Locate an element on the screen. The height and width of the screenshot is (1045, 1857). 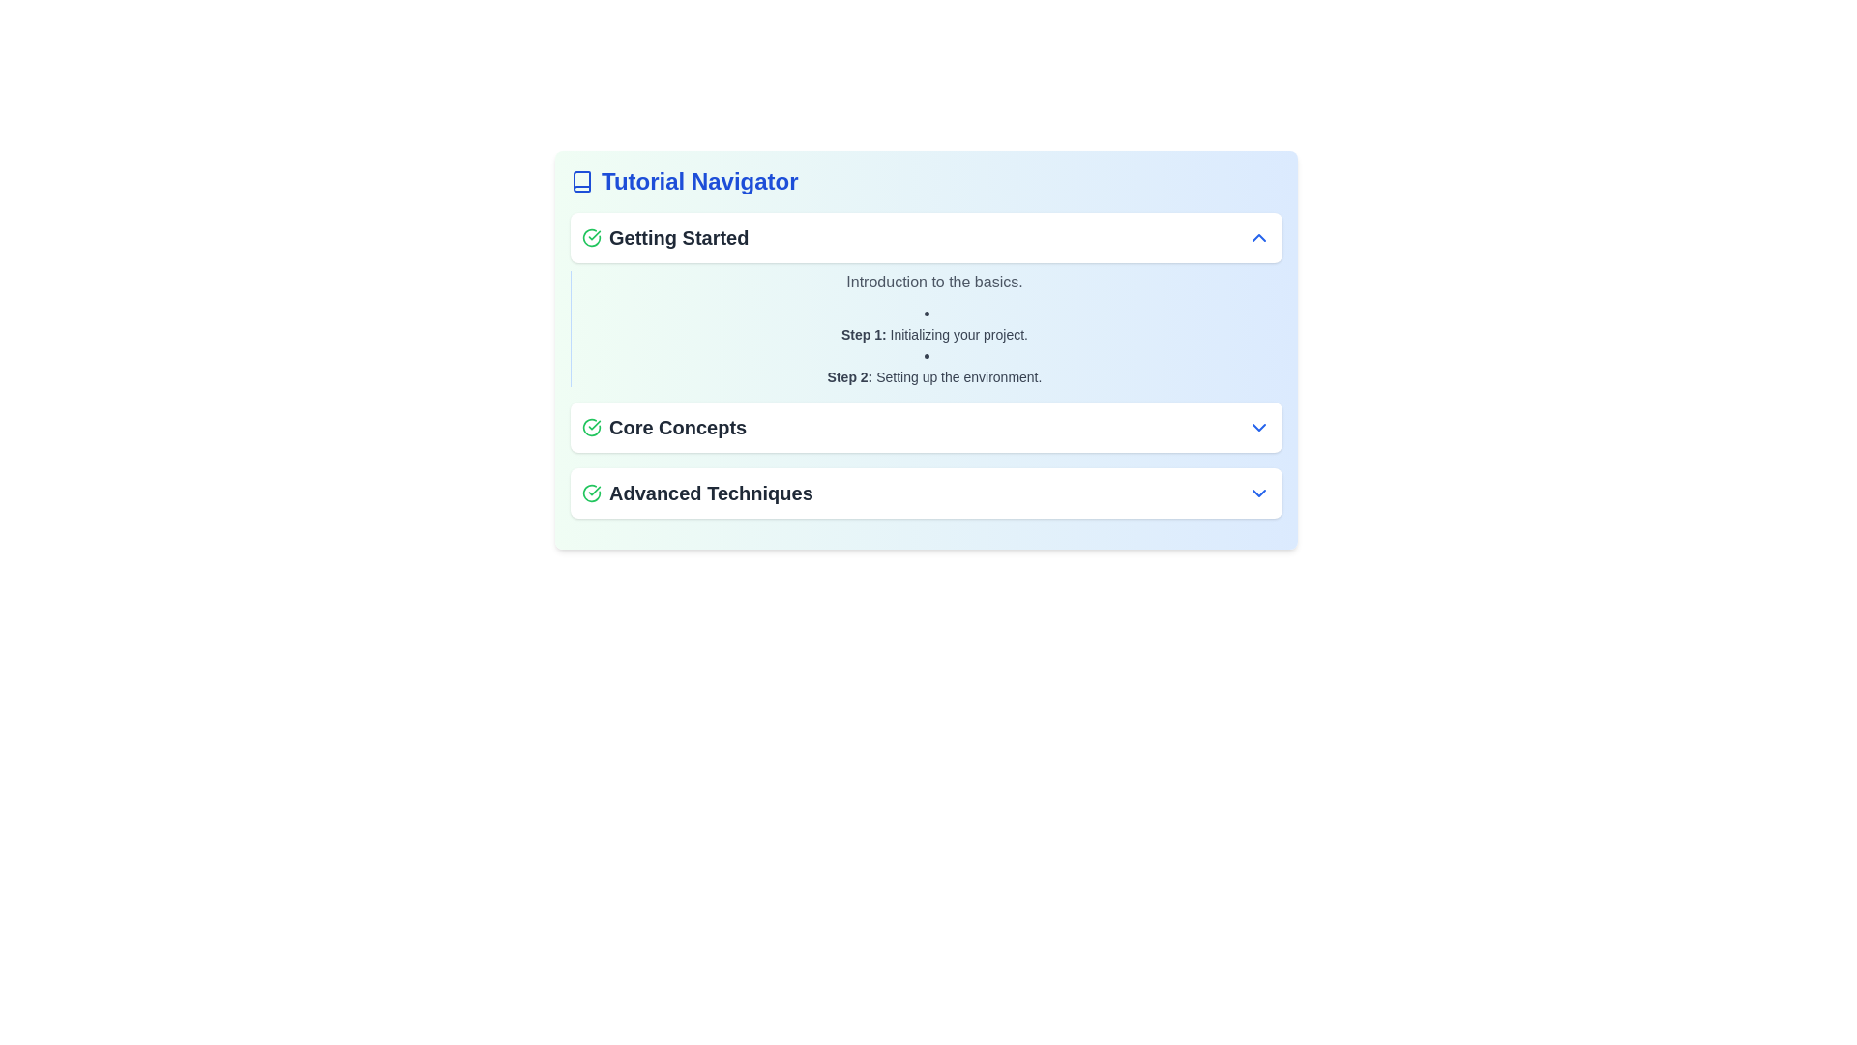
the 'Tutorial Navigator' icon located in the top-left corner of the panel to associate it with the Tutorial Navigator section is located at coordinates (580, 182).